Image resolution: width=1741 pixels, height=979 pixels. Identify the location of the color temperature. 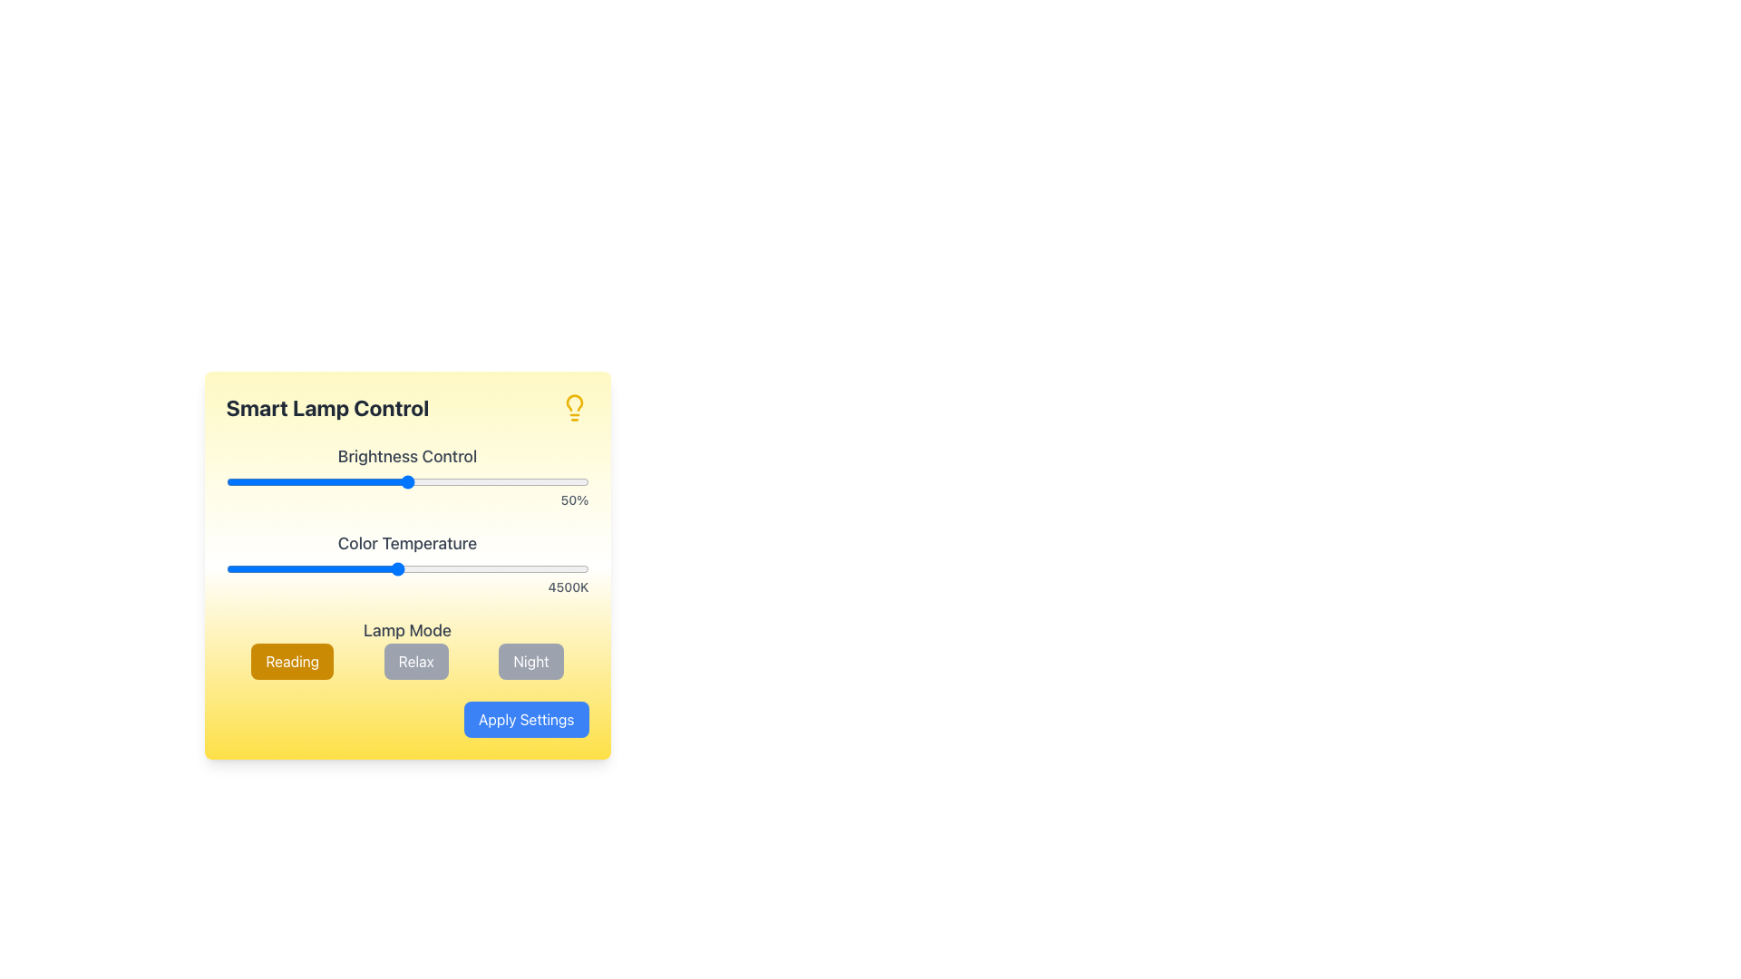
(443, 568).